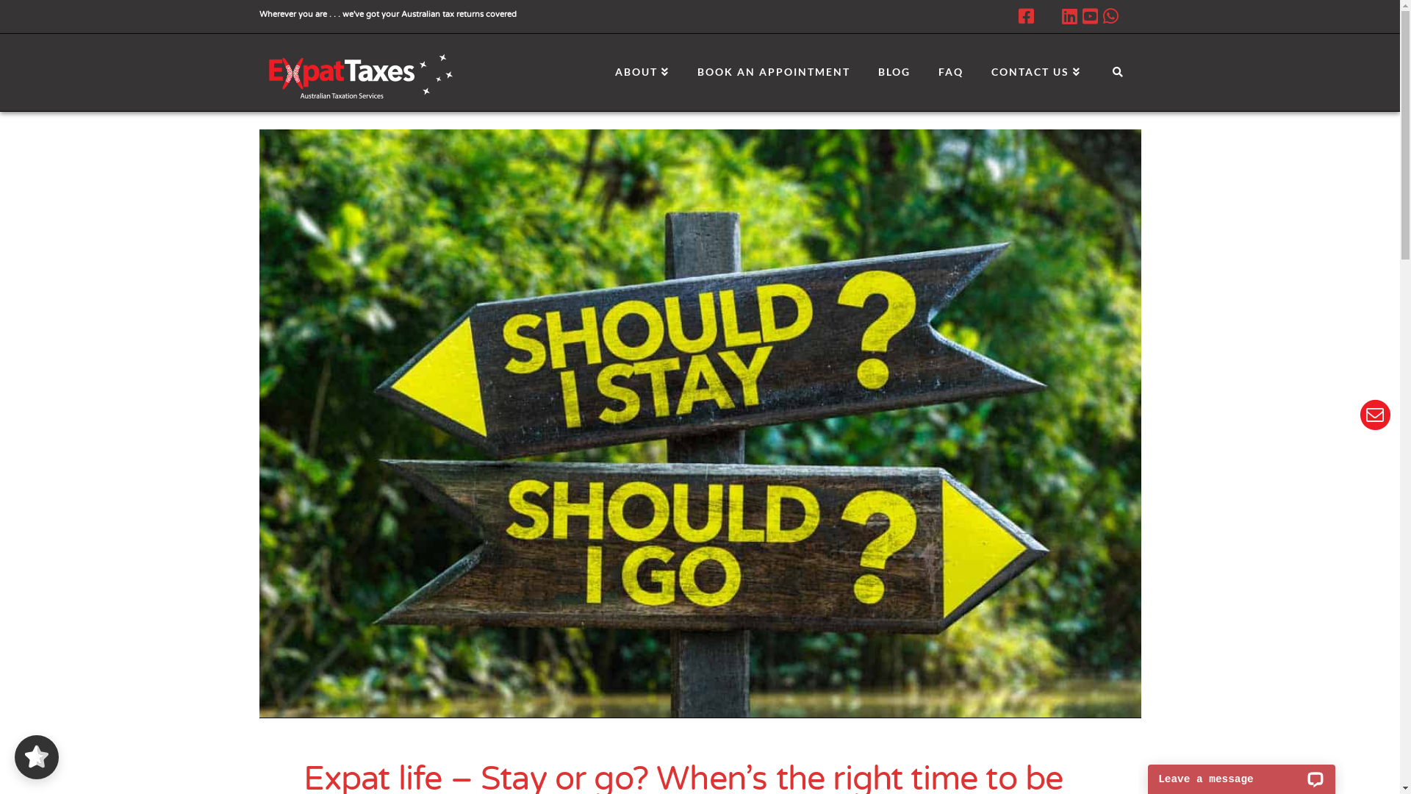 This screenshot has width=1411, height=794. I want to click on 'CONTACT US', so click(1035, 67).